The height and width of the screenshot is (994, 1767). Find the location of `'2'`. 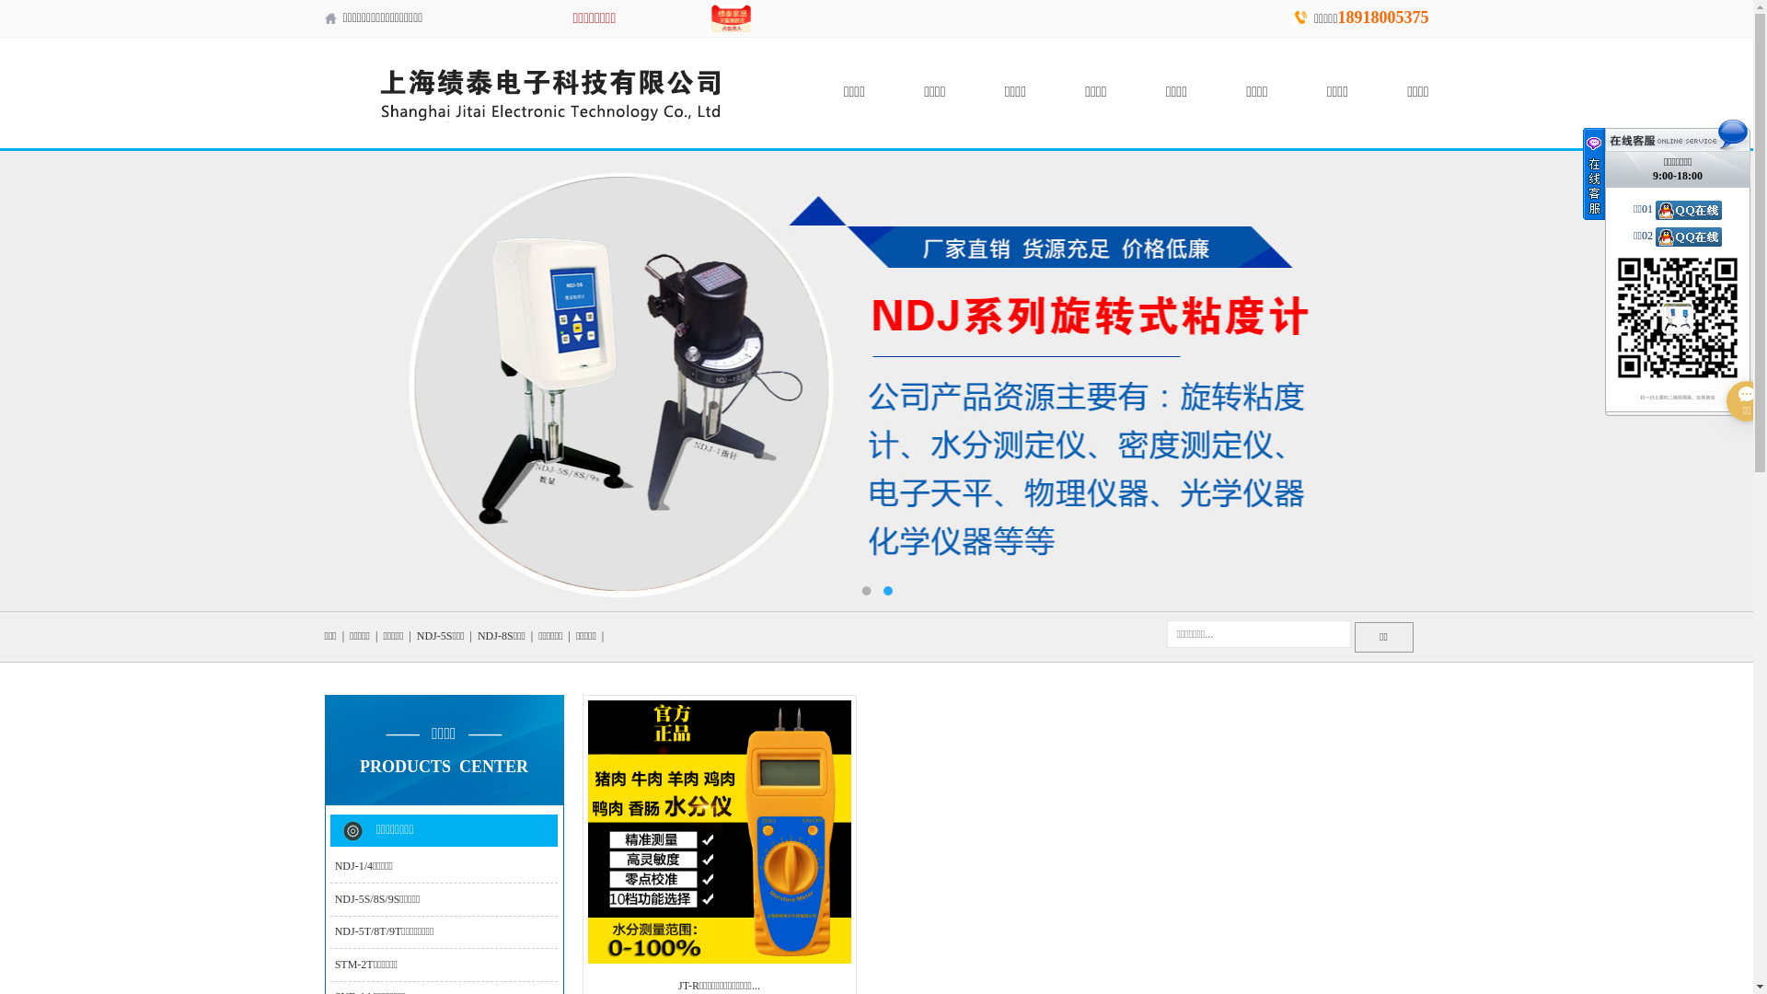

'2' is located at coordinates (887, 590).